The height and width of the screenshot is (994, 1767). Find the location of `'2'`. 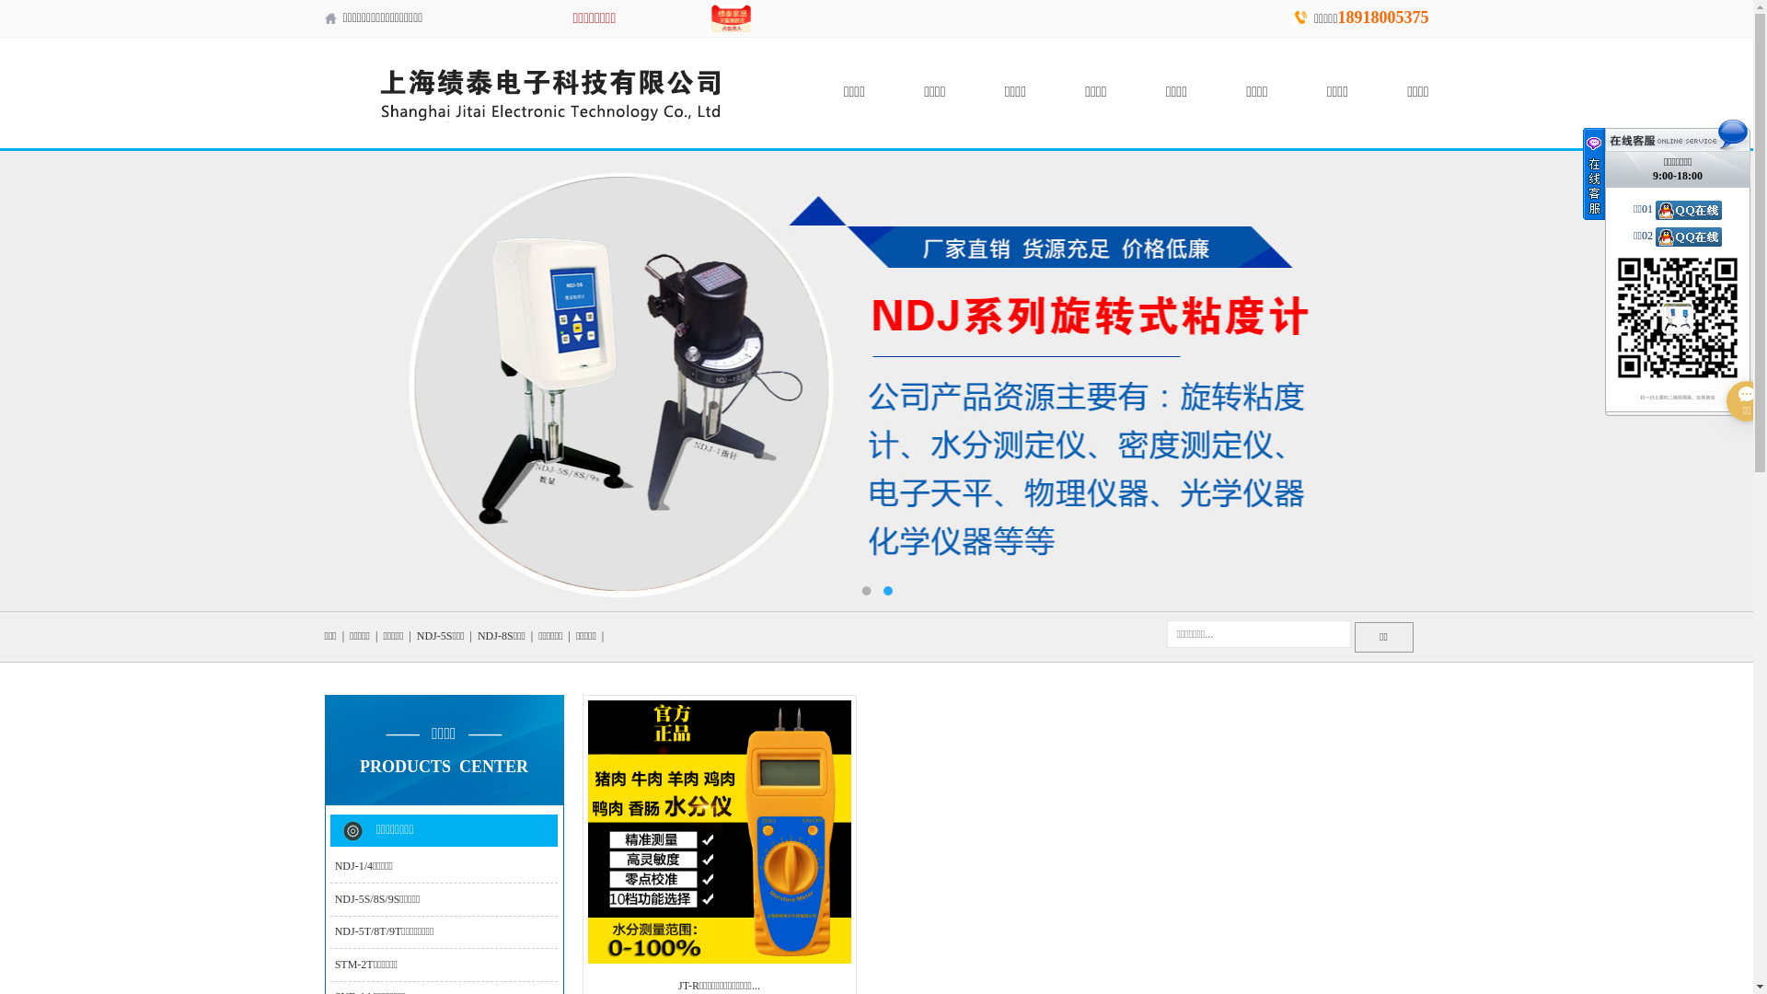

'2' is located at coordinates (887, 590).